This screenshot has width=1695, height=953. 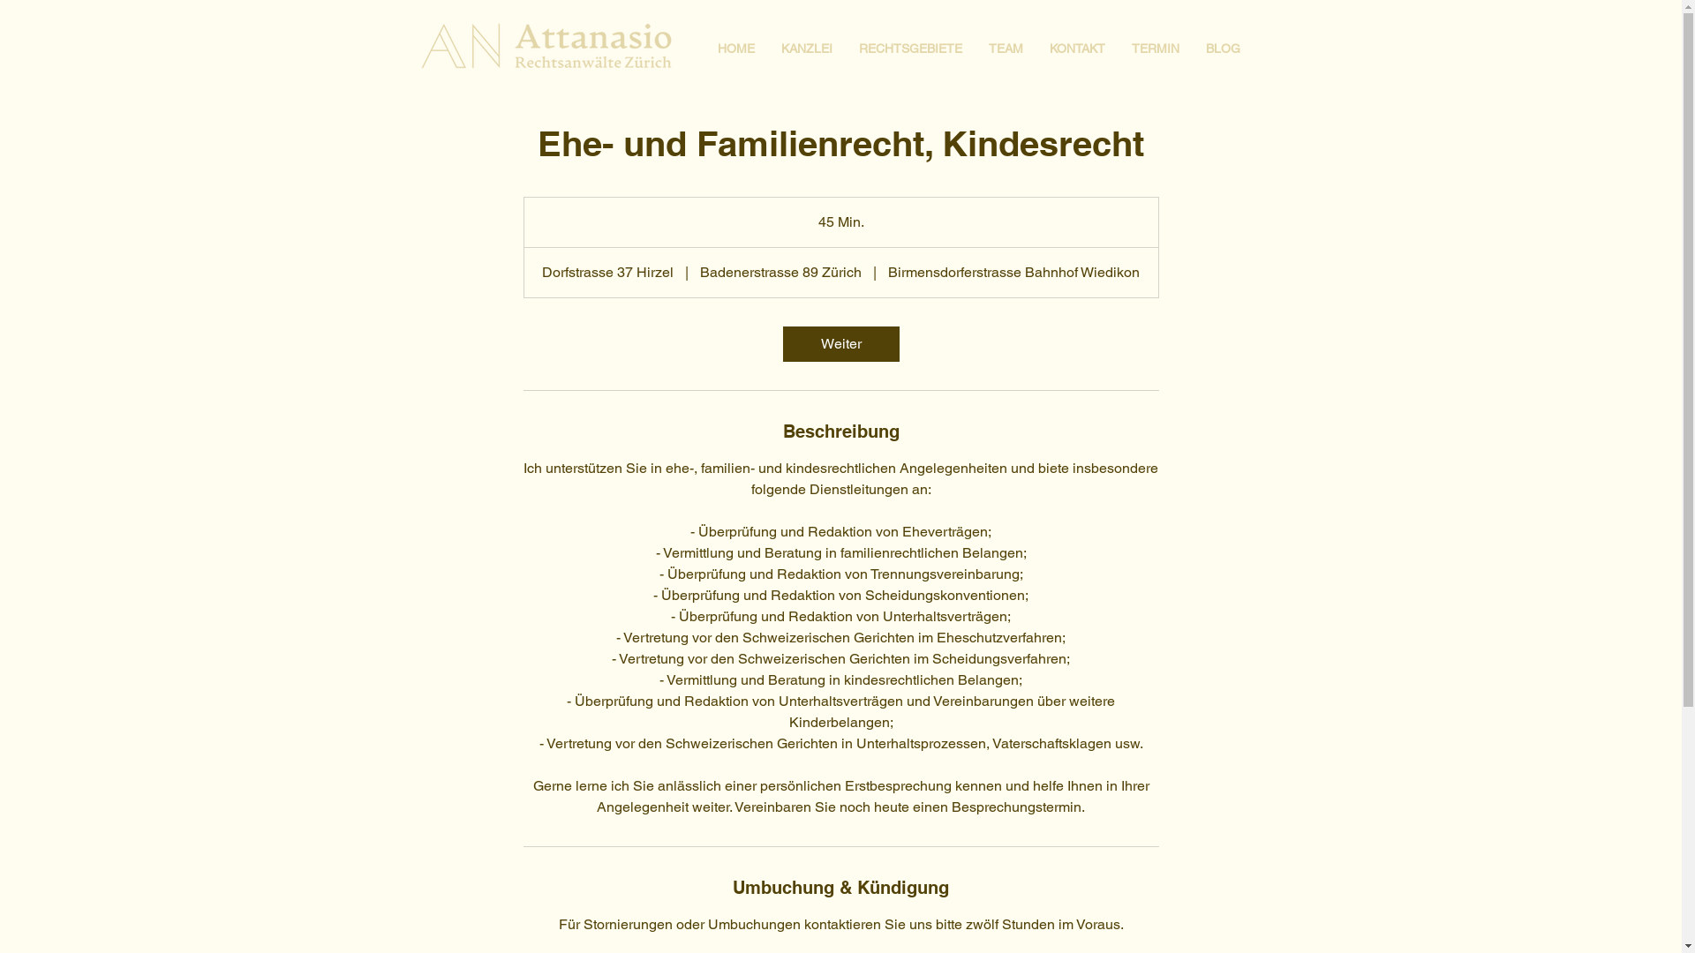 What do you see at coordinates (910, 46) in the screenshot?
I see `'RECHTSGEBIETE'` at bounding box center [910, 46].